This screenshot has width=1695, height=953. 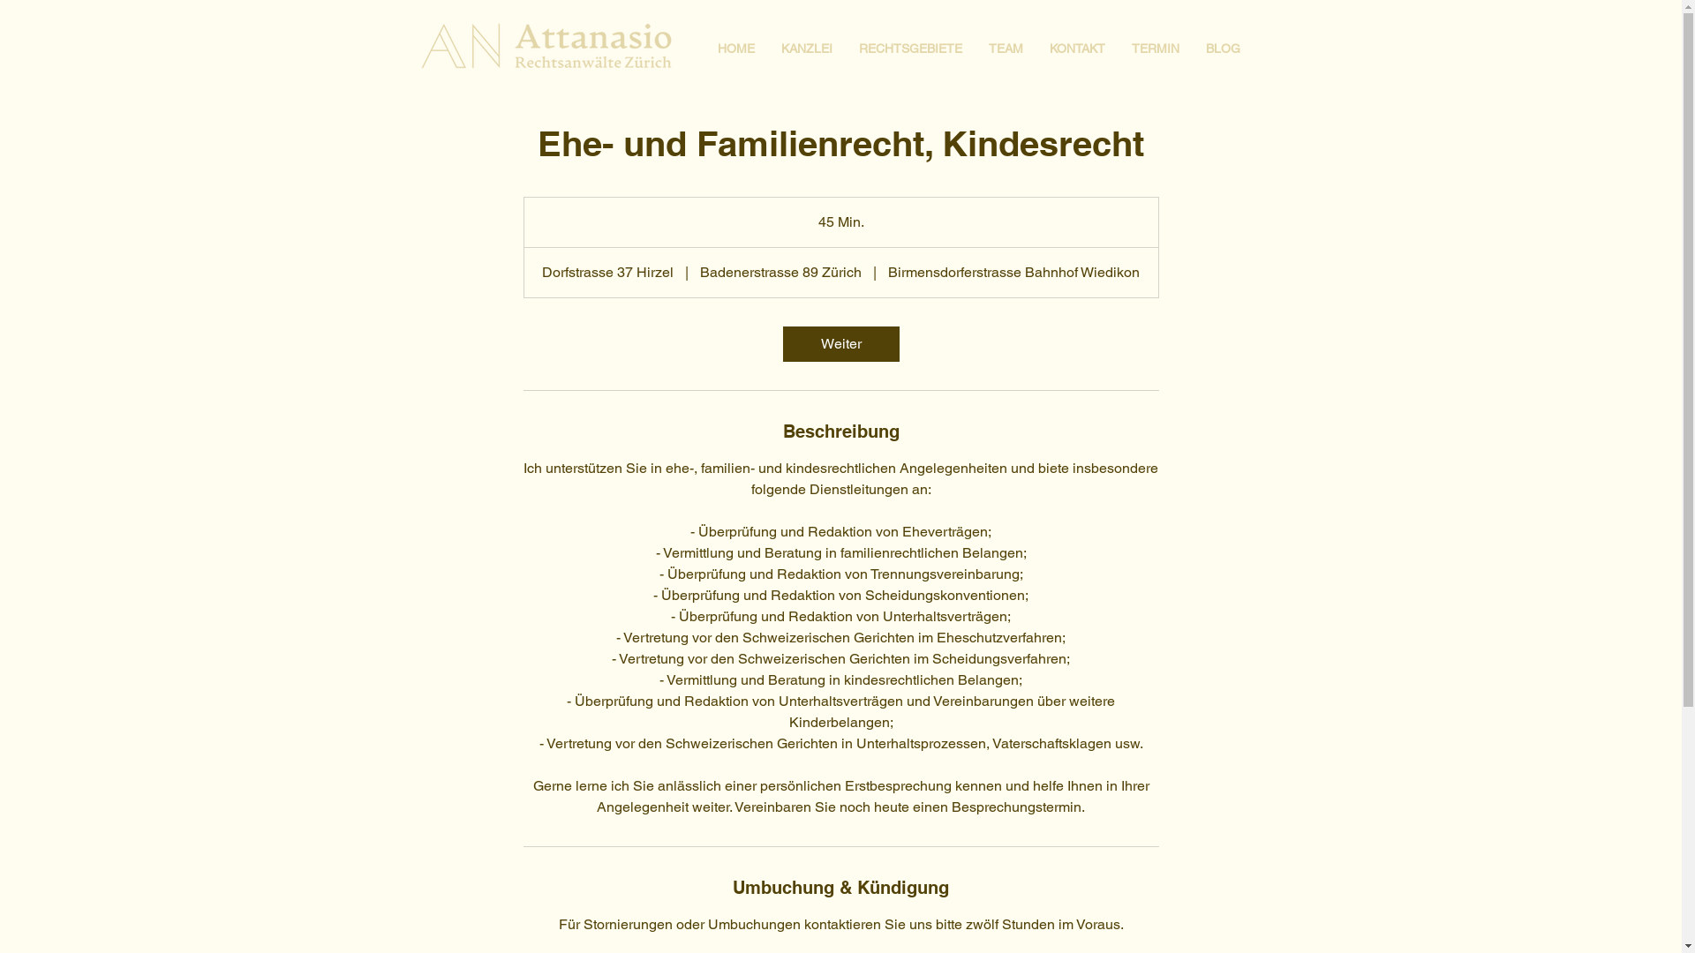 What do you see at coordinates (910, 46) in the screenshot?
I see `'RECHTSGEBIETE'` at bounding box center [910, 46].